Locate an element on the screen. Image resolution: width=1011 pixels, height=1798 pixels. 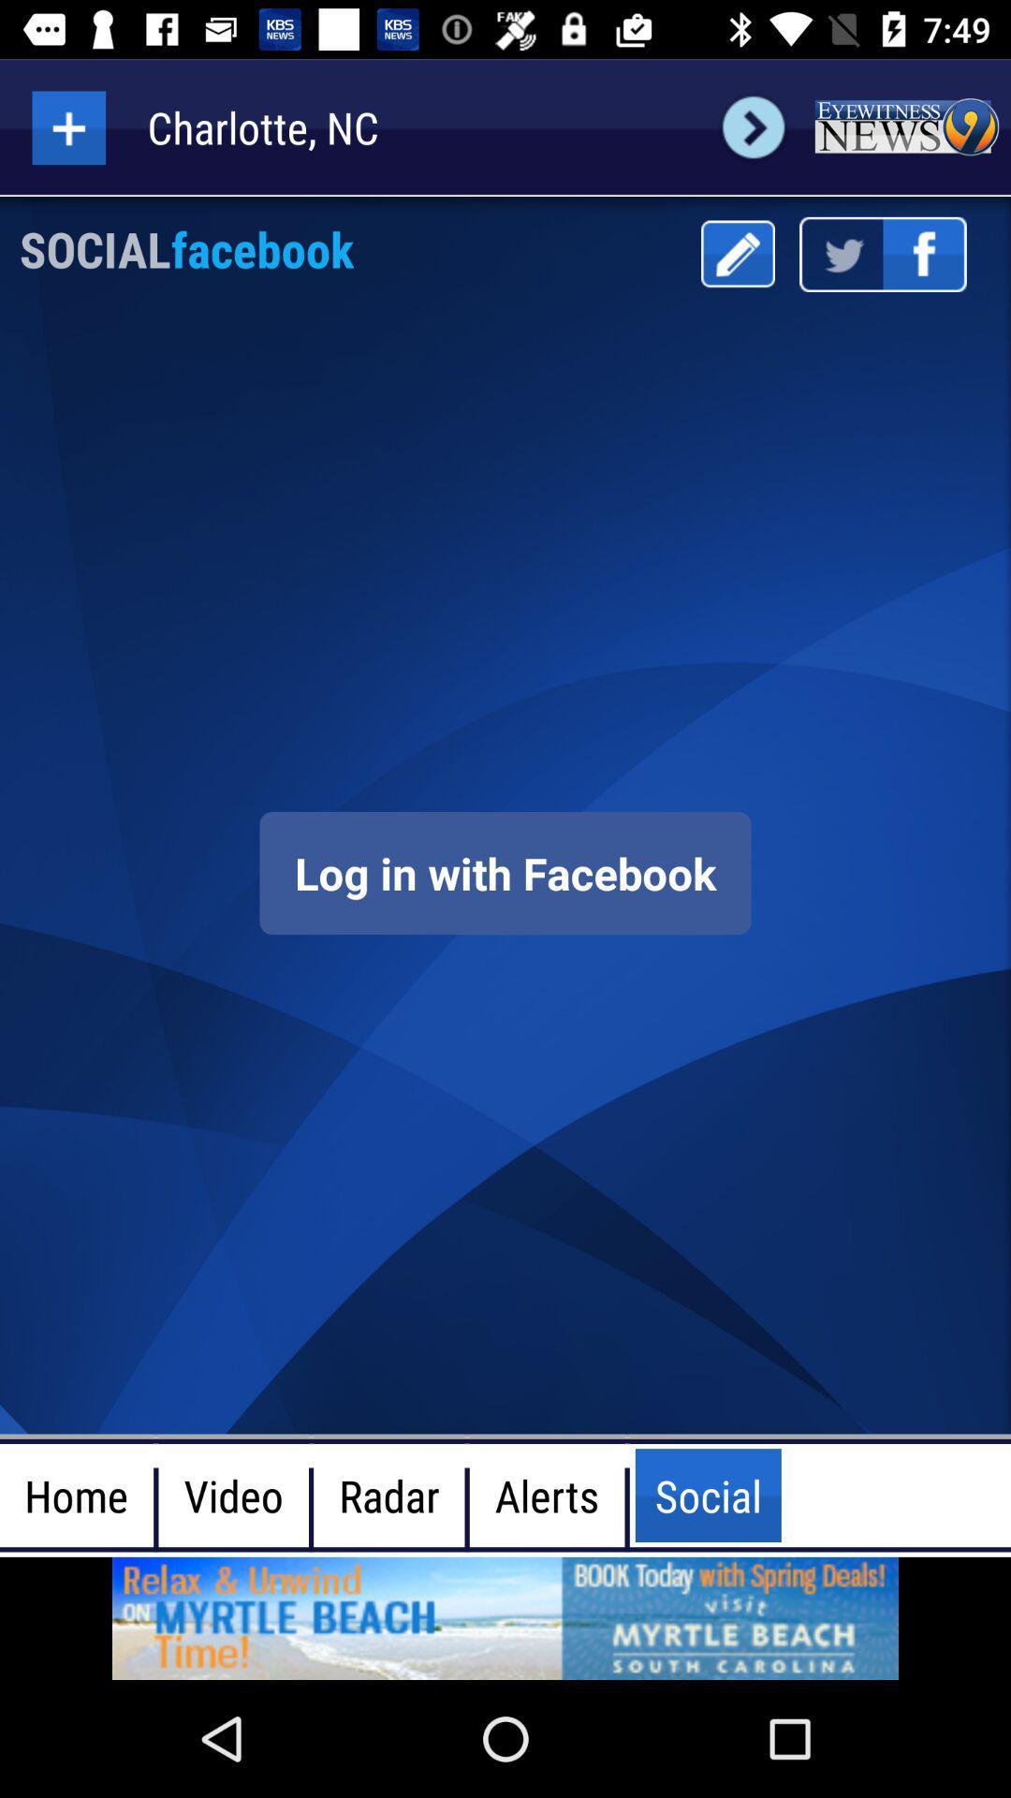
log in is located at coordinates (505, 872).